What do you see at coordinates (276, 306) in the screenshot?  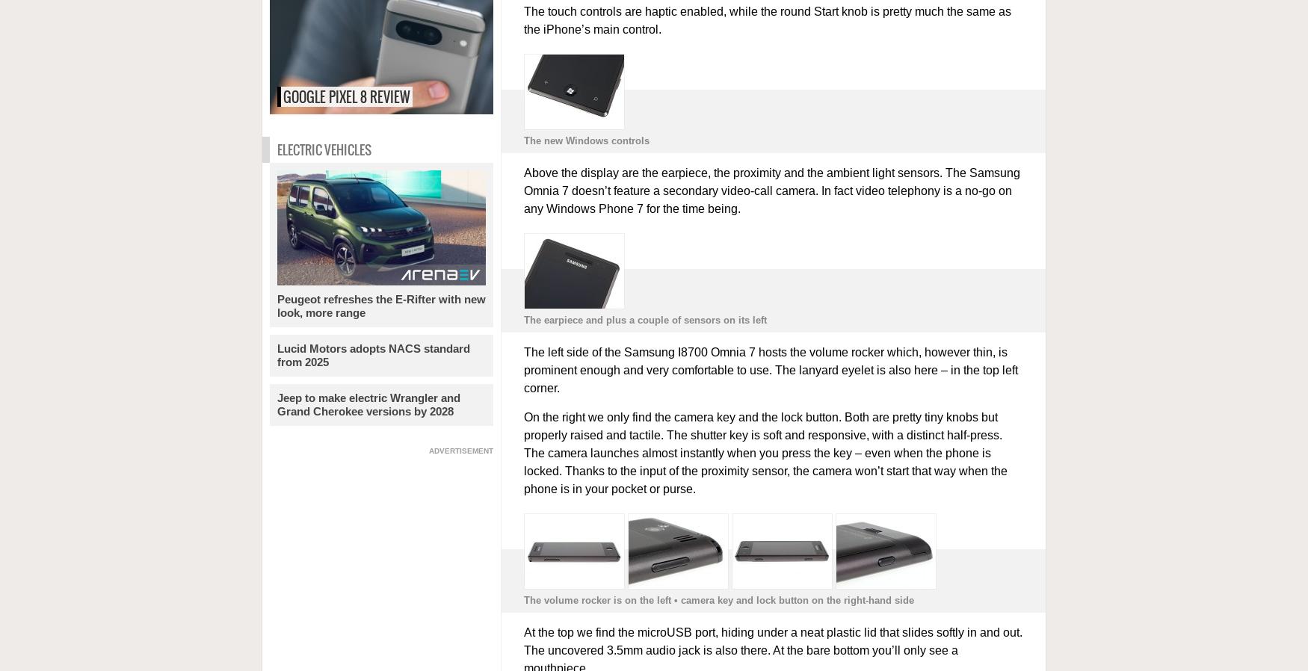 I see `'Peugeot refreshes the E-Rifter with new look, more range'` at bounding box center [276, 306].